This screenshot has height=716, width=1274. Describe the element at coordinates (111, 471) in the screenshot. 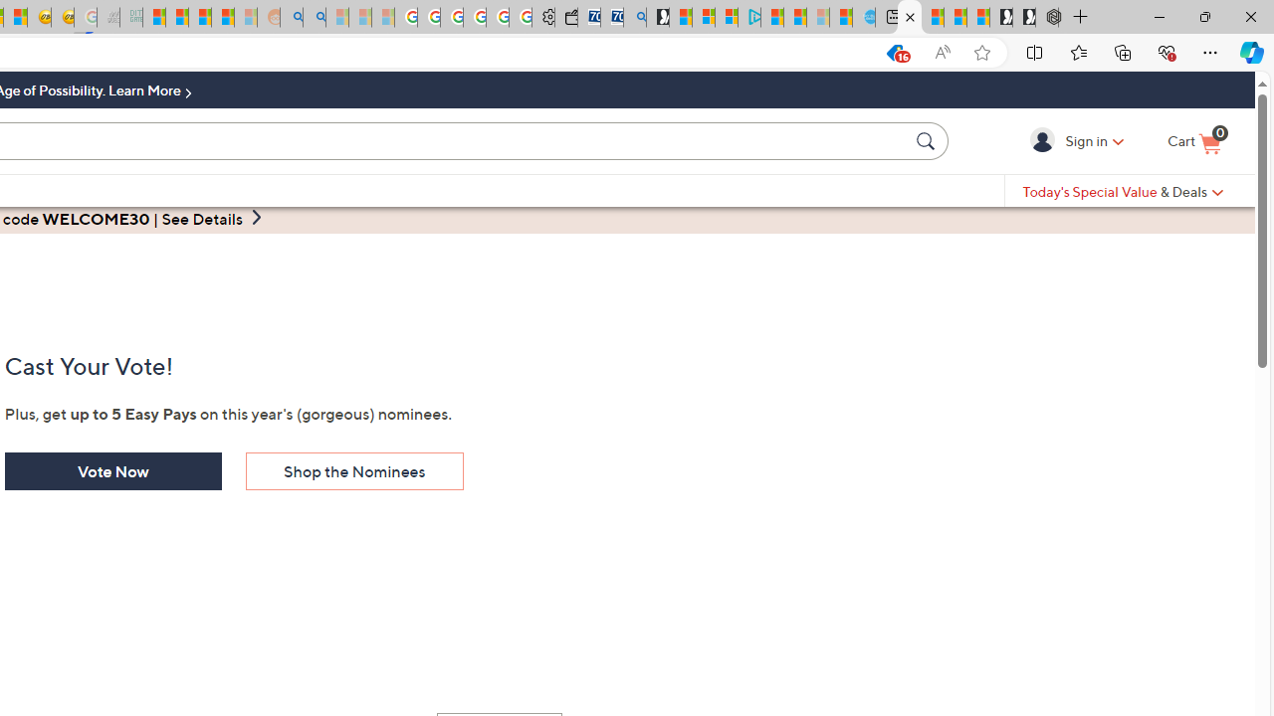

I see `'Vote Now'` at that location.